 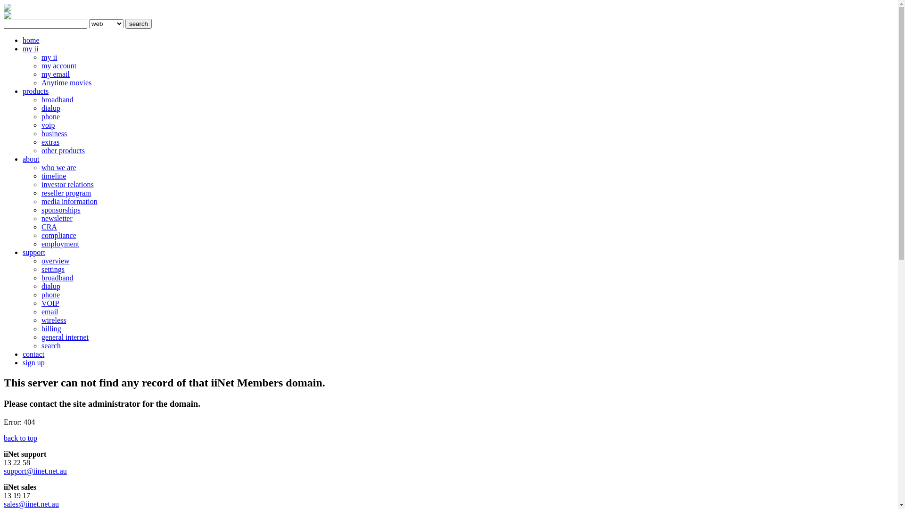 What do you see at coordinates (50, 116) in the screenshot?
I see `'phone'` at bounding box center [50, 116].